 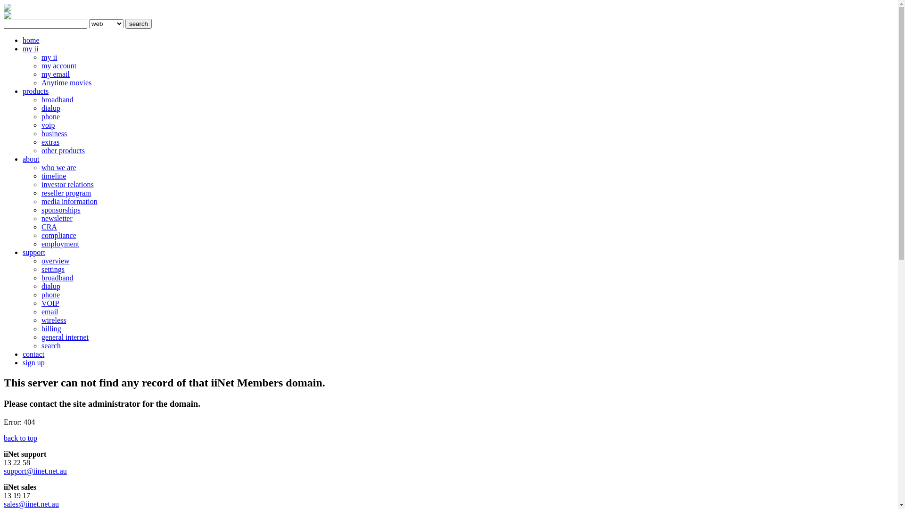 What do you see at coordinates (50, 116) in the screenshot?
I see `'phone'` at bounding box center [50, 116].